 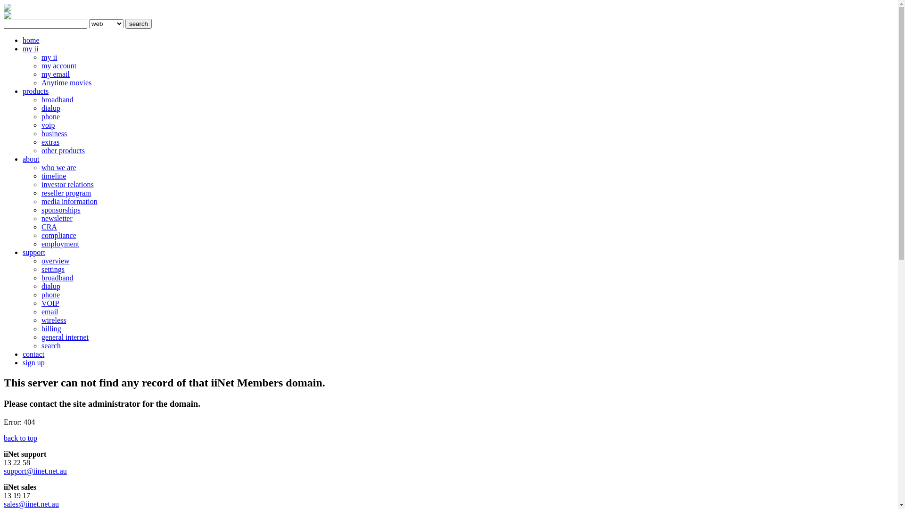 What do you see at coordinates (50, 116) in the screenshot?
I see `'phone'` at bounding box center [50, 116].